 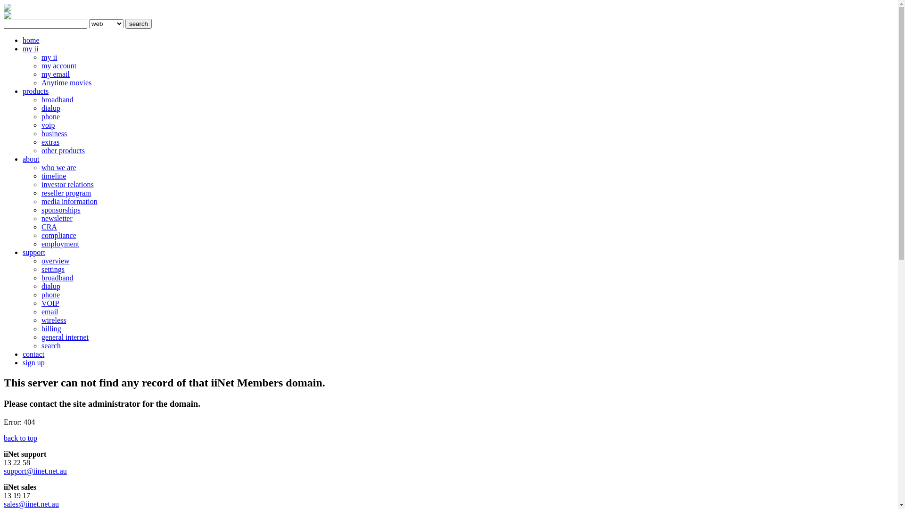 What do you see at coordinates (50, 116) in the screenshot?
I see `'phone'` at bounding box center [50, 116].